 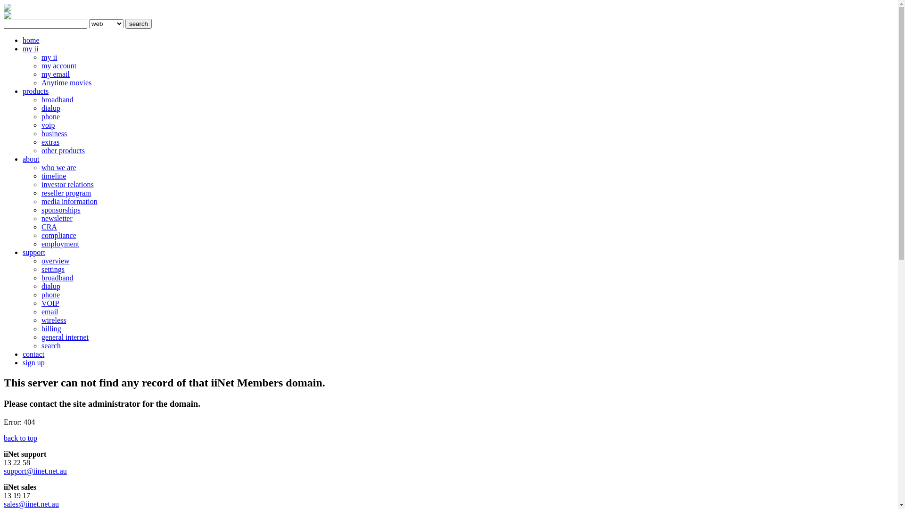 What do you see at coordinates (50, 116) in the screenshot?
I see `'phone'` at bounding box center [50, 116].